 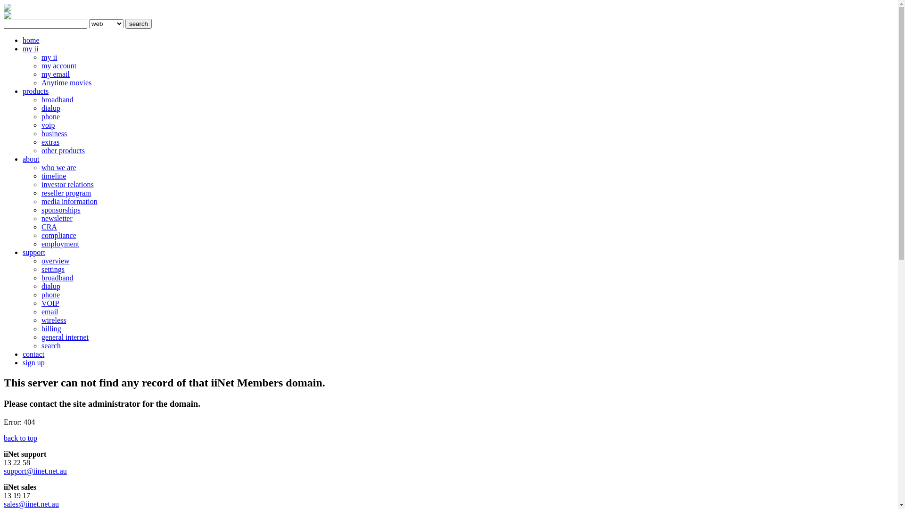 What do you see at coordinates (50, 116) in the screenshot?
I see `'phone'` at bounding box center [50, 116].